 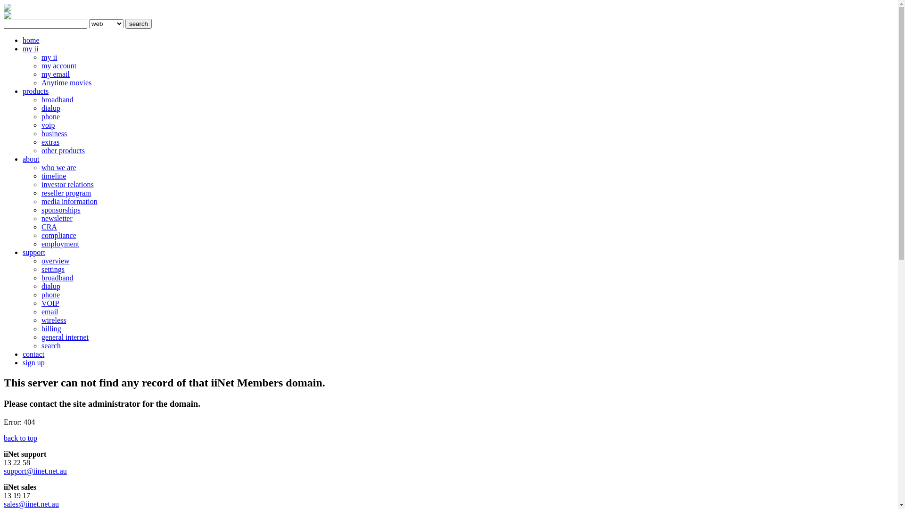 What do you see at coordinates (50, 116) in the screenshot?
I see `'phone'` at bounding box center [50, 116].